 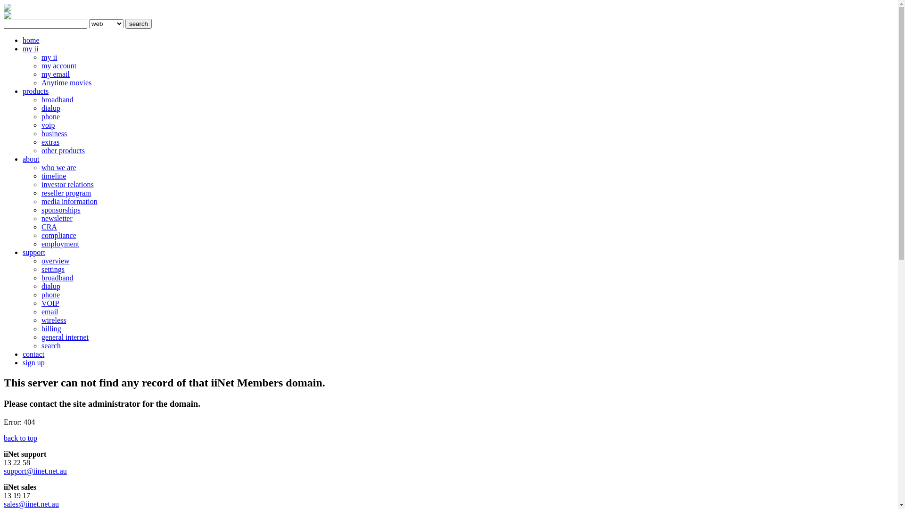 What do you see at coordinates (50, 116) in the screenshot?
I see `'phone'` at bounding box center [50, 116].